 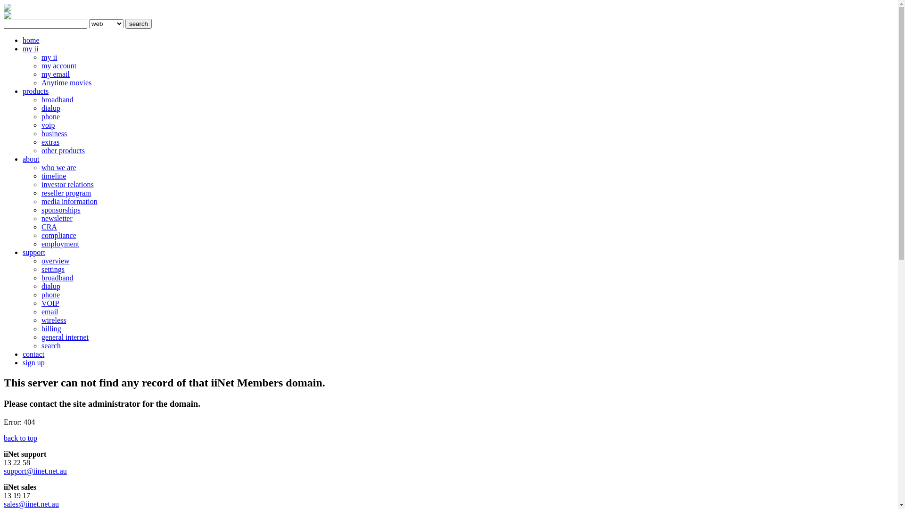 What do you see at coordinates (50, 116) in the screenshot?
I see `'phone'` at bounding box center [50, 116].